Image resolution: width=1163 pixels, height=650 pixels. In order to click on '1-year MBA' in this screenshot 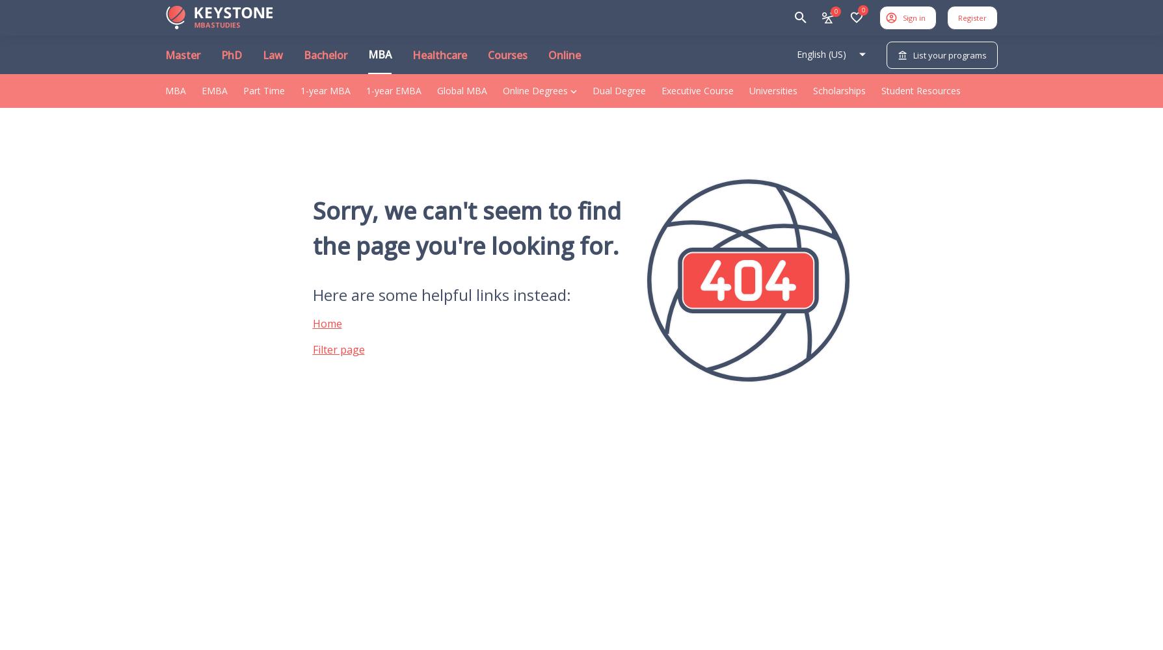, I will do `click(325, 90)`.